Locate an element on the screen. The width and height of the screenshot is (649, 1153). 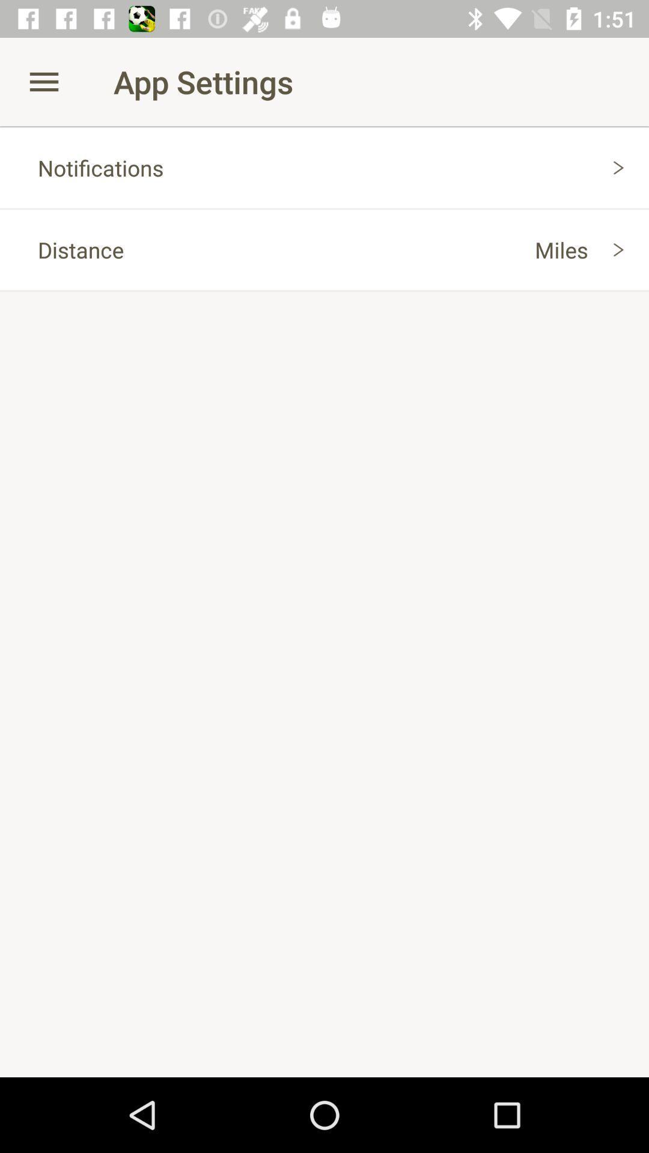
item above the distance icon is located at coordinates (324, 167).